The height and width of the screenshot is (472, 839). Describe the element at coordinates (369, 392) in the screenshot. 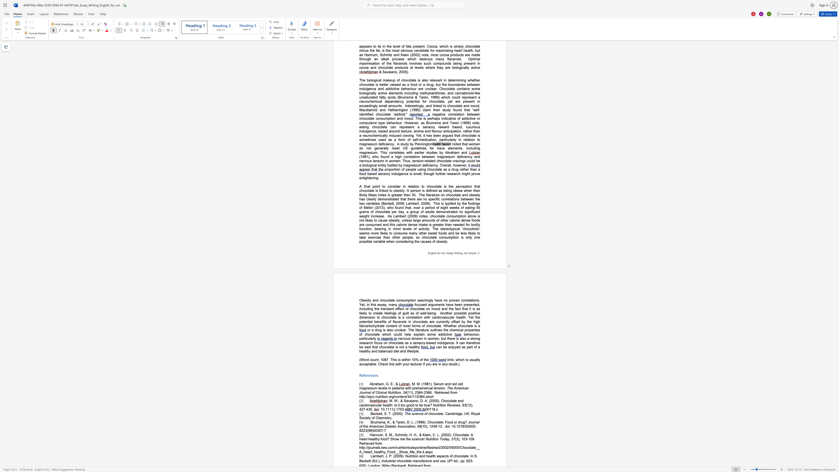

I see `the subset text "l of Clinic" within the text "The American Journal of Clinical Nutrition"` at that location.